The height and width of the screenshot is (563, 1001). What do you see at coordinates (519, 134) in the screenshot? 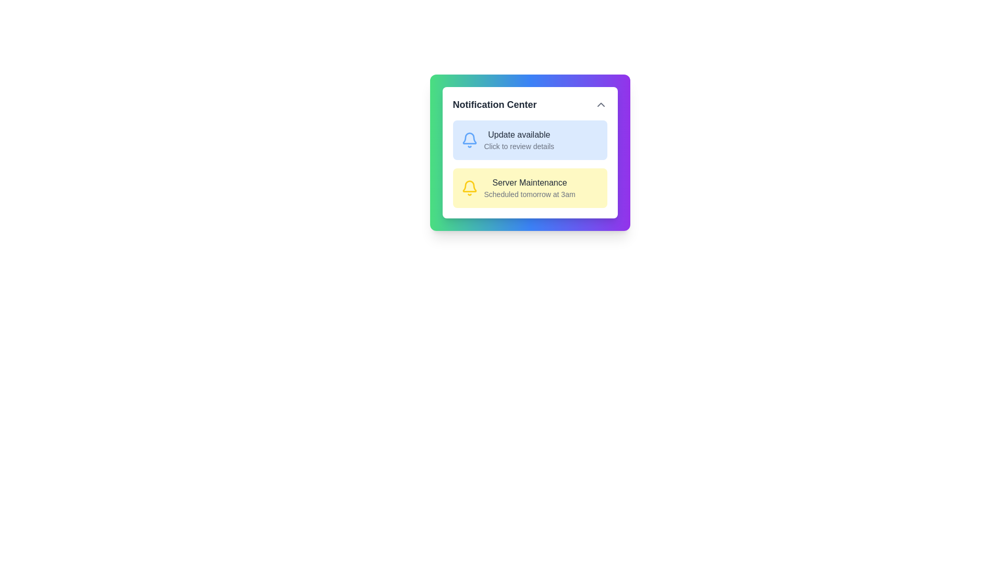
I see `the static text label that indicates an available update in the notification system, located at the top center of the Notification Center UI` at bounding box center [519, 134].